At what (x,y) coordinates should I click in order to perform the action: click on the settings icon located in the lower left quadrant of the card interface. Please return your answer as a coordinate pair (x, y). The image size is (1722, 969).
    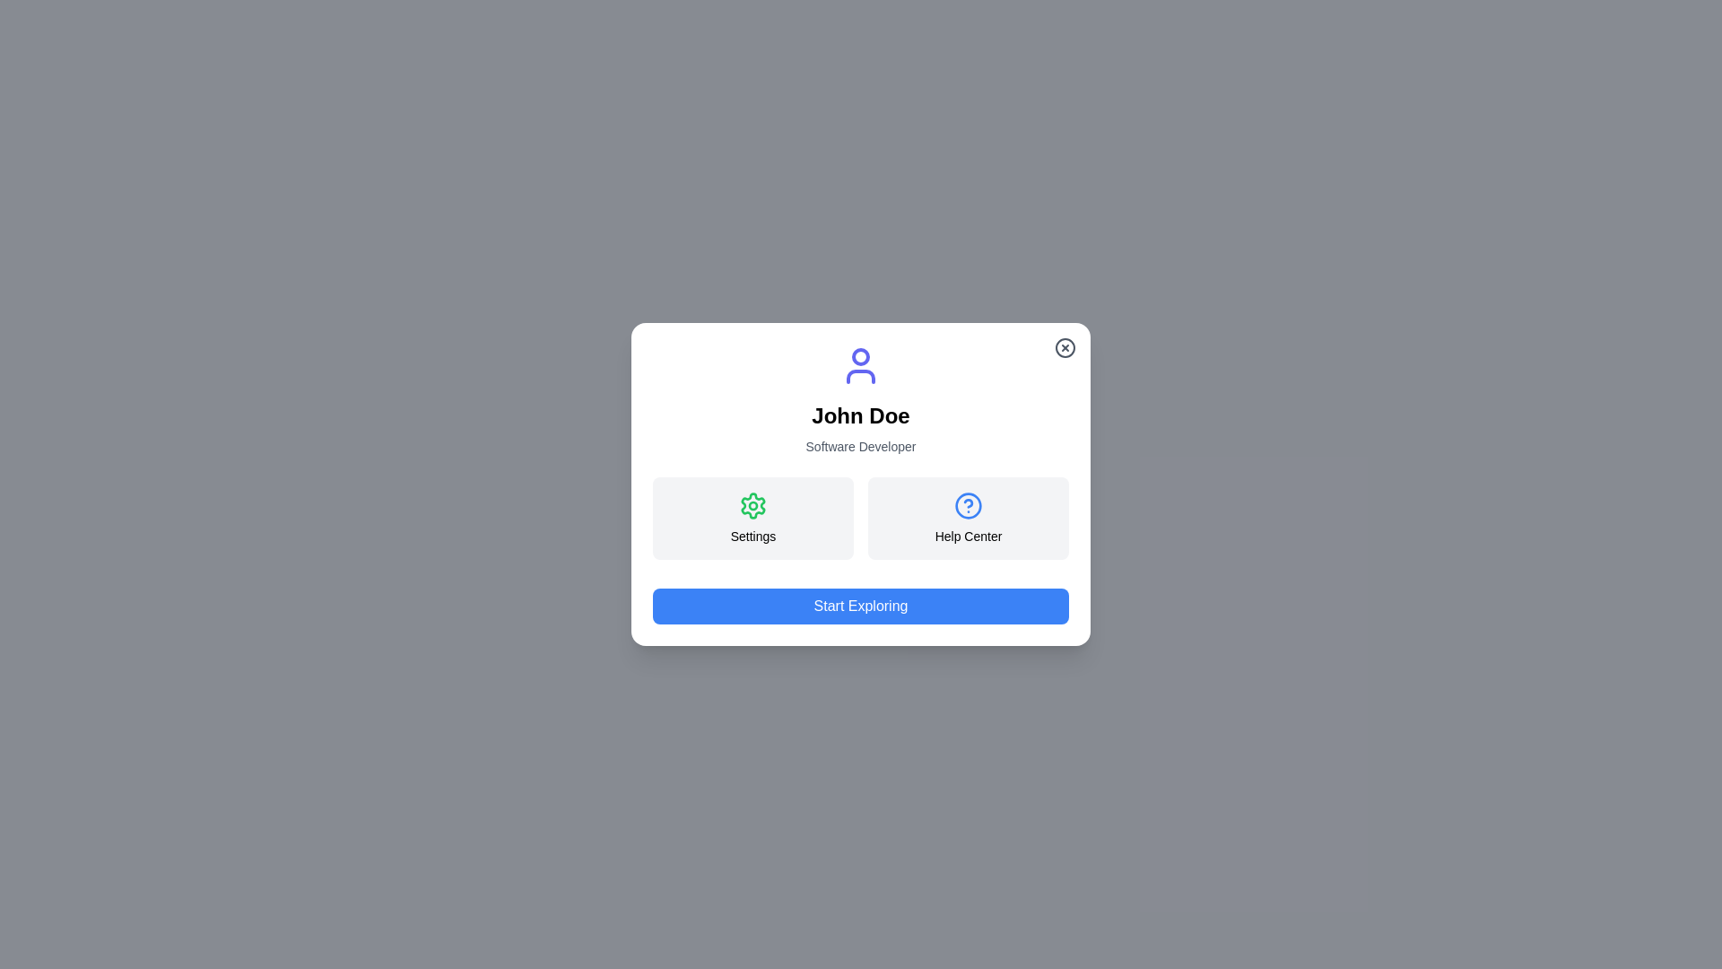
    Looking at the image, I should click on (753, 505).